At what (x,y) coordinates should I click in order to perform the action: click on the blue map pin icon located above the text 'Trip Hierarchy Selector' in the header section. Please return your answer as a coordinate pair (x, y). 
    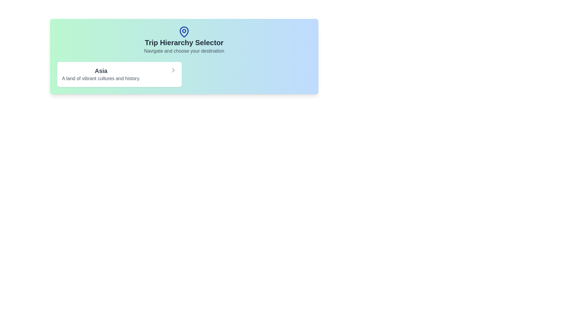
    Looking at the image, I should click on (184, 31).